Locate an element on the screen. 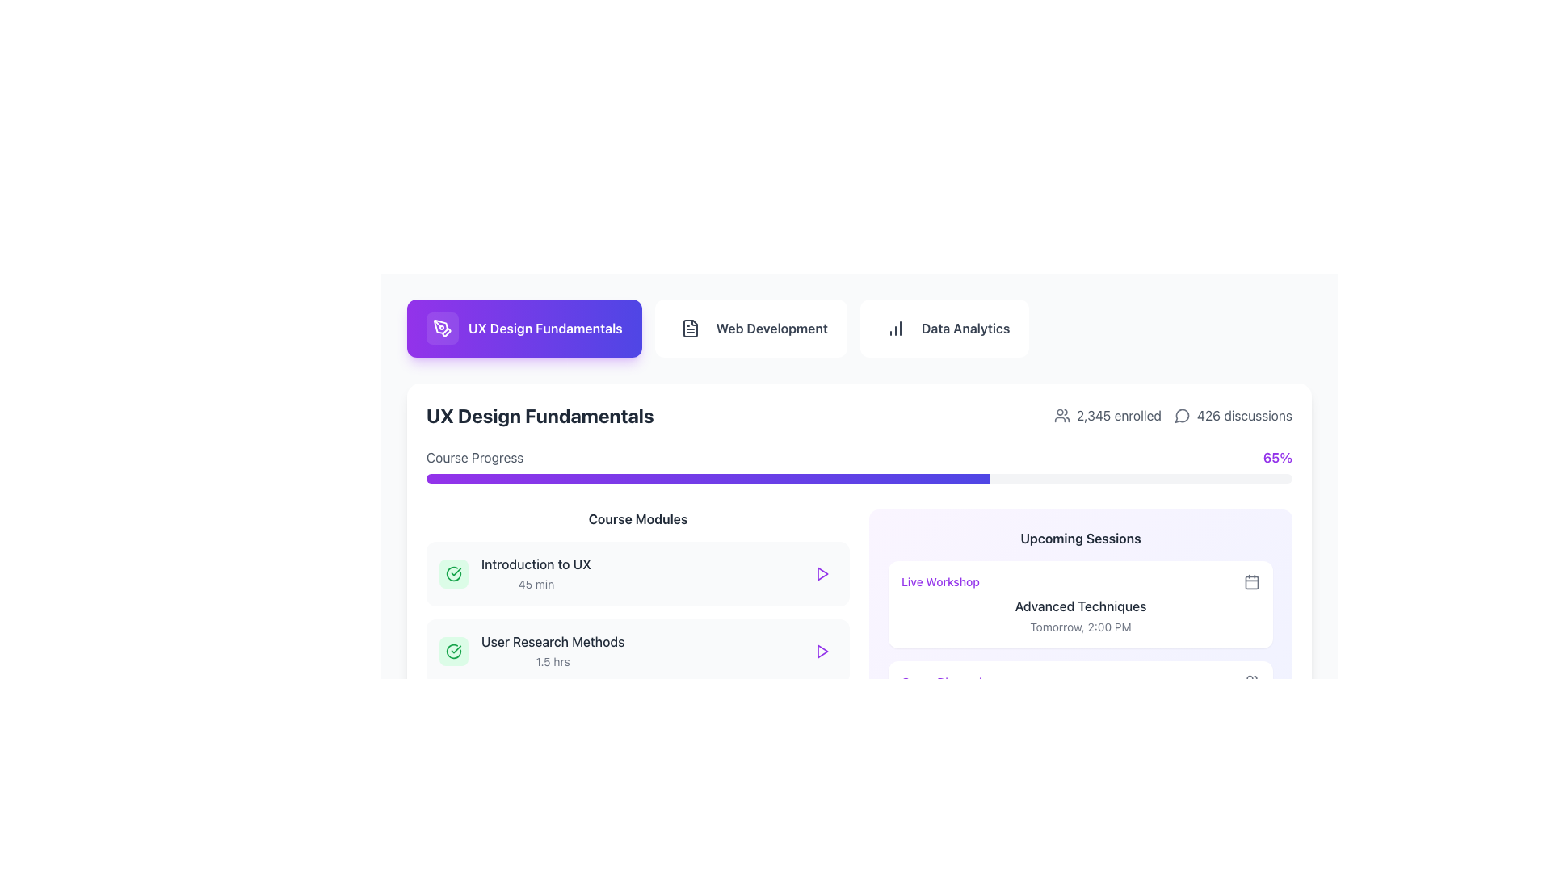 This screenshot has height=872, width=1551. the 'User Research Methods' label, which is styled with a medium font weight and gray color, located in the 'Course Modules' section below 'Introduction to UX' is located at coordinates (553, 640).